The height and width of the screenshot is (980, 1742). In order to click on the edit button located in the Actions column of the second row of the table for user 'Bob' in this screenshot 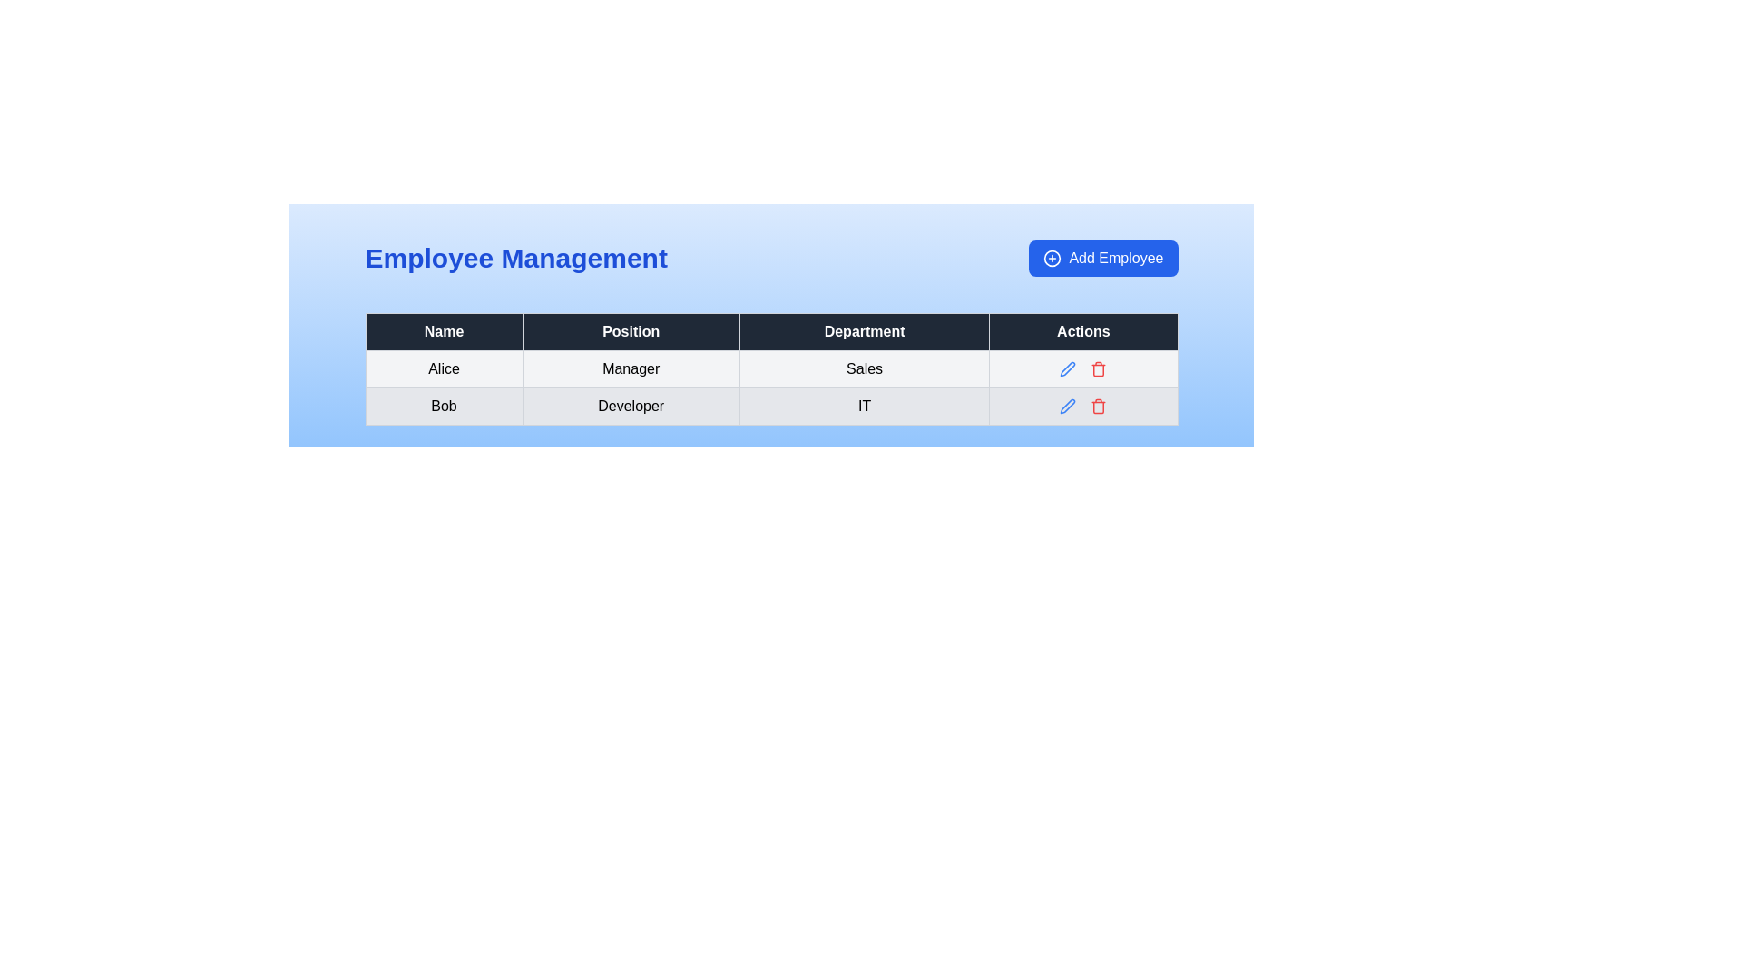, I will do `click(1068, 368)`.